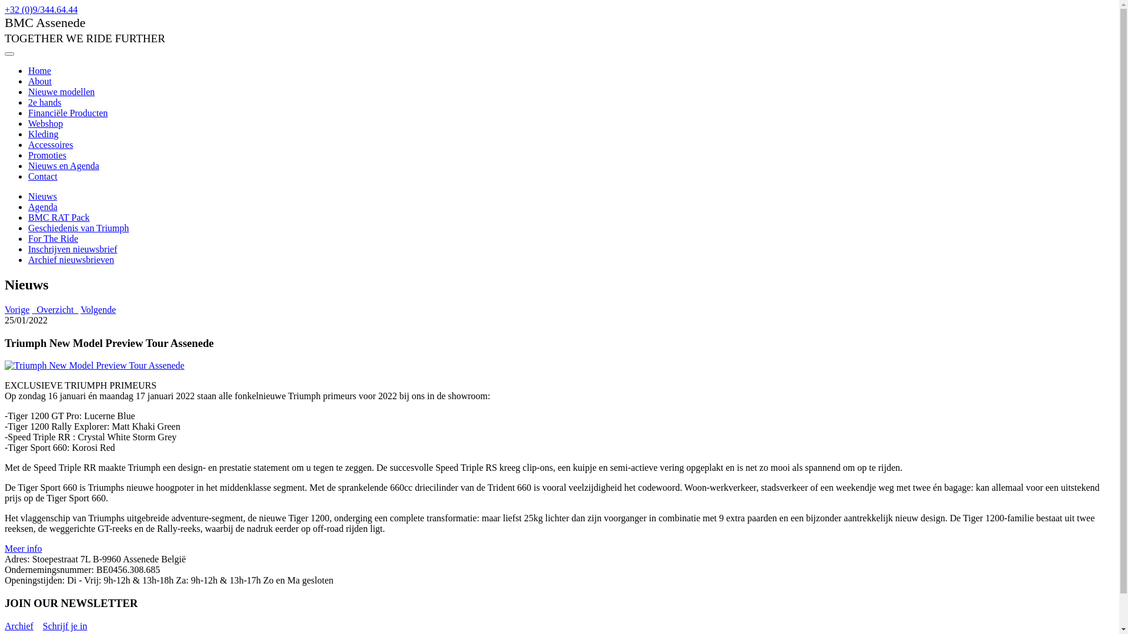 The height and width of the screenshot is (634, 1128). Describe the element at coordinates (19, 625) in the screenshot. I see `'Archief'` at that location.